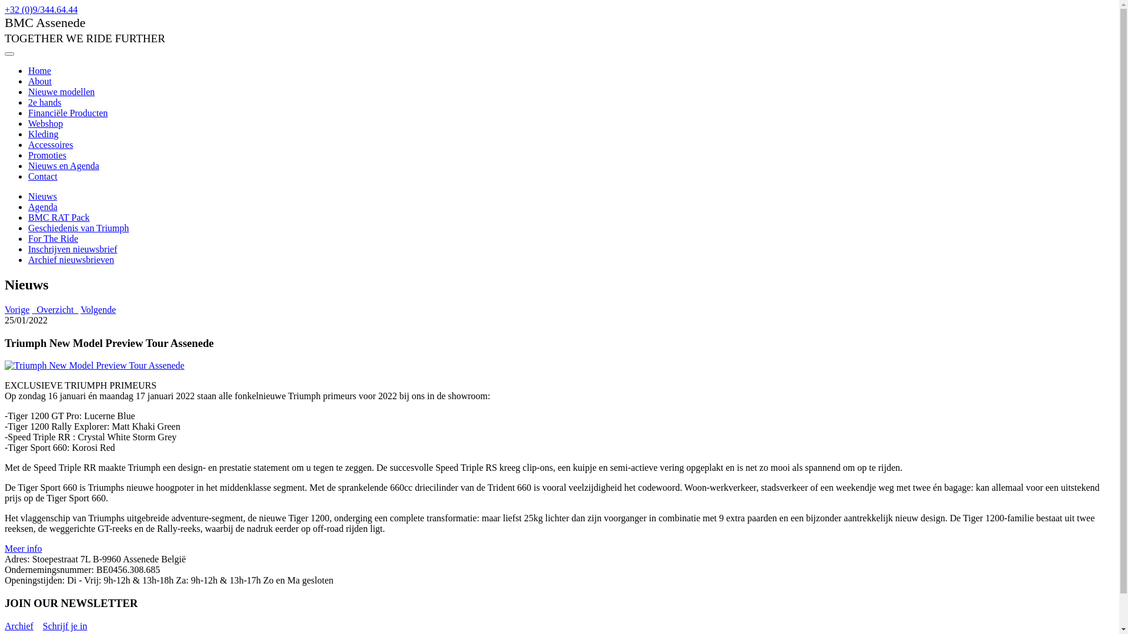 The height and width of the screenshot is (634, 1128). Describe the element at coordinates (19, 625) in the screenshot. I see `'Archief'` at that location.